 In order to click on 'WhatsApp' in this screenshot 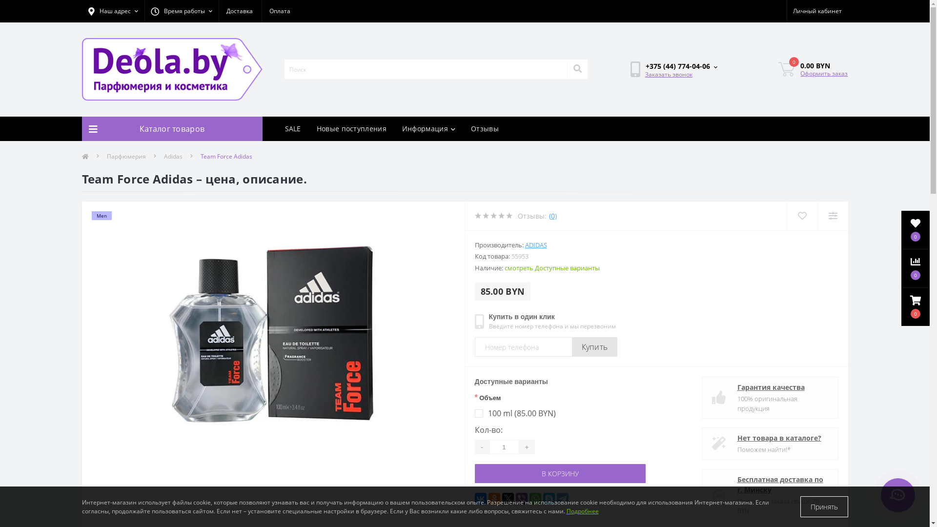, I will do `click(534, 499)`.